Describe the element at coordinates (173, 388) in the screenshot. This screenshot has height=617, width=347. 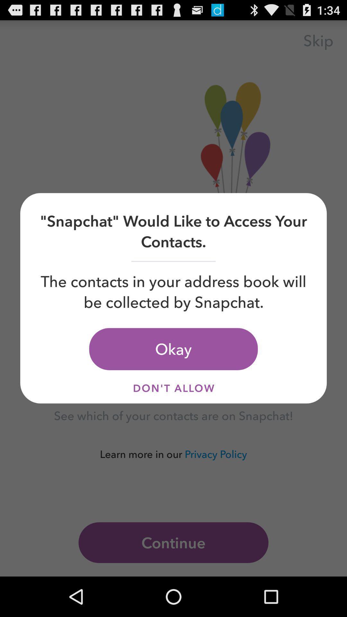
I see `don't allow` at that location.